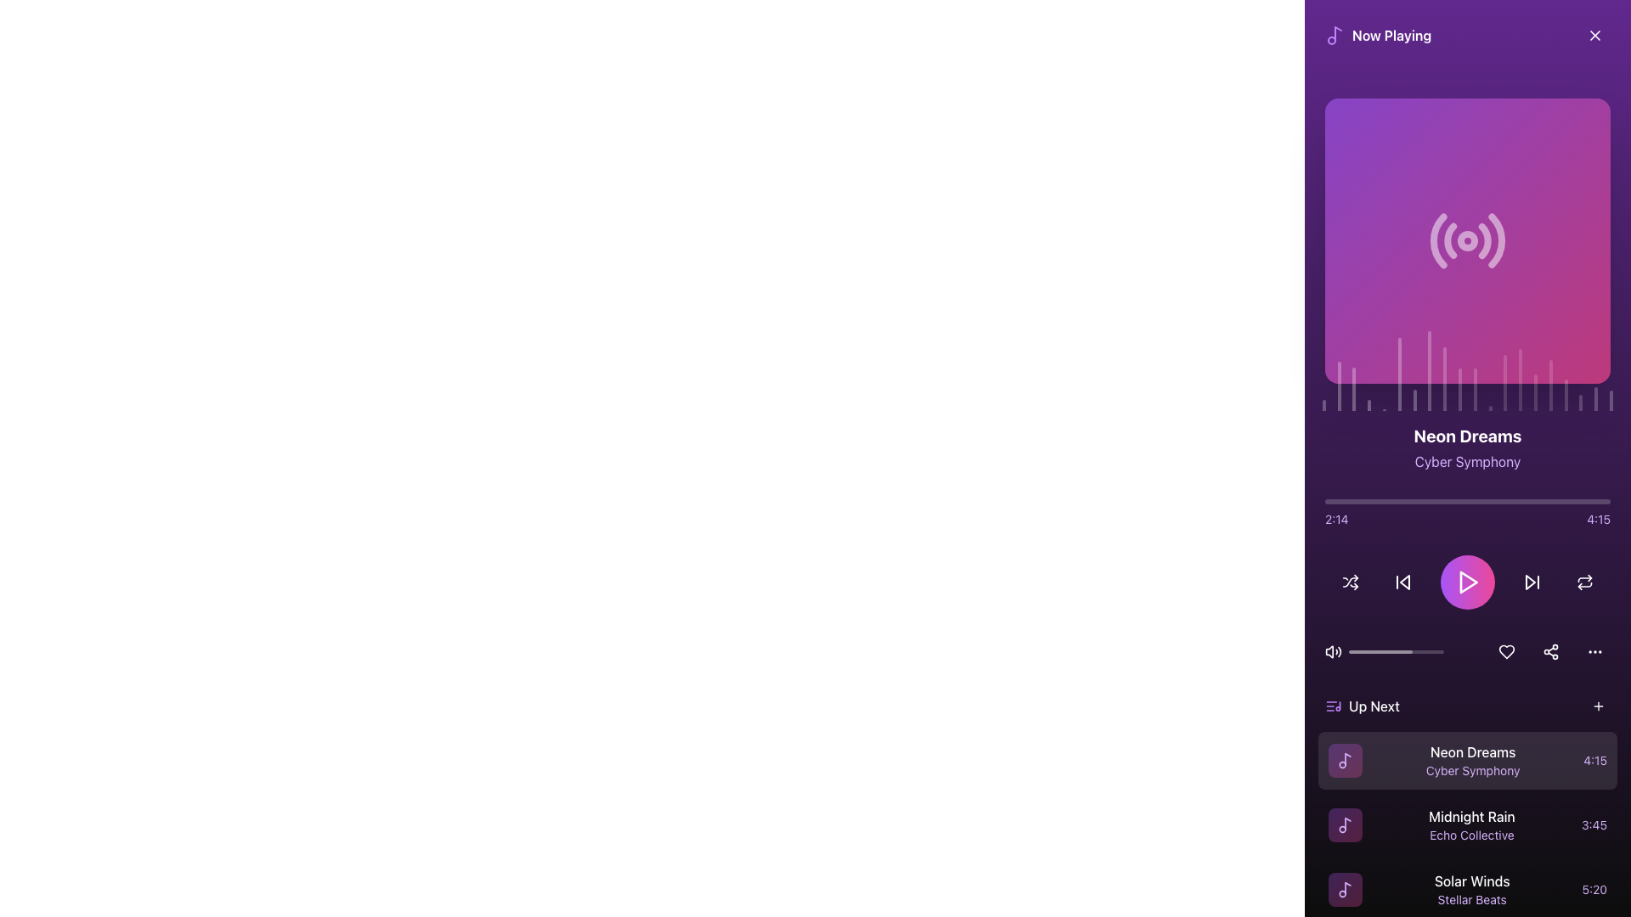  I want to click on the music note icon located in the vibrant purple header section, which is associated with the 'Now Playing' label, so click(1337, 33).